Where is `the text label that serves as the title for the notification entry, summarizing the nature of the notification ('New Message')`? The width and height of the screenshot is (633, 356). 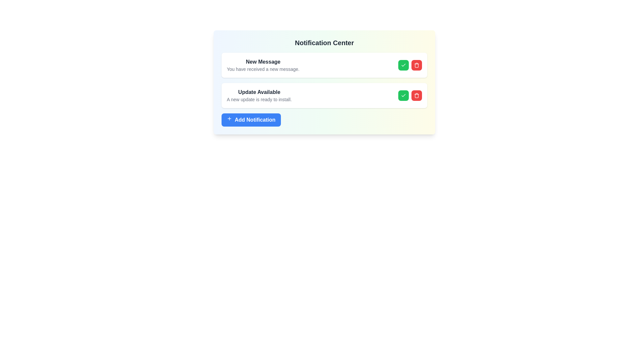 the text label that serves as the title for the notification entry, summarizing the nature of the notification ('New Message') is located at coordinates (263, 62).